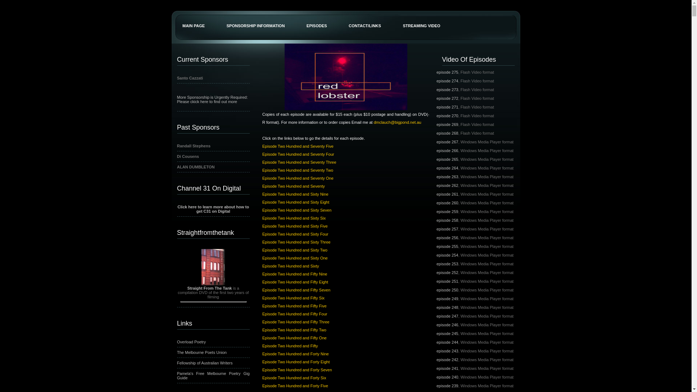 Image resolution: width=697 pixels, height=392 pixels. I want to click on 'Episode Two Hundred and Forty Seven', so click(261, 369).